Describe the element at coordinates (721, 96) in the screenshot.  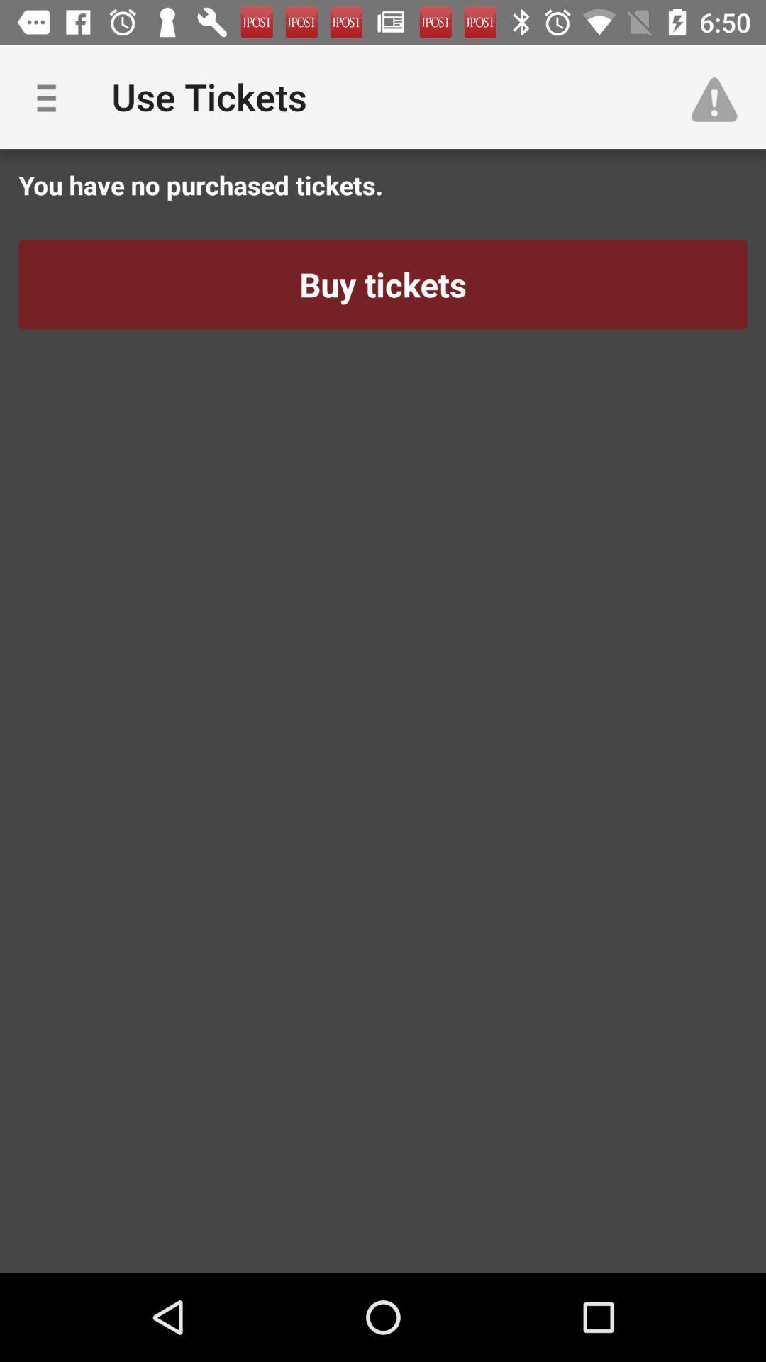
I see `the item above you have no item` at that location.